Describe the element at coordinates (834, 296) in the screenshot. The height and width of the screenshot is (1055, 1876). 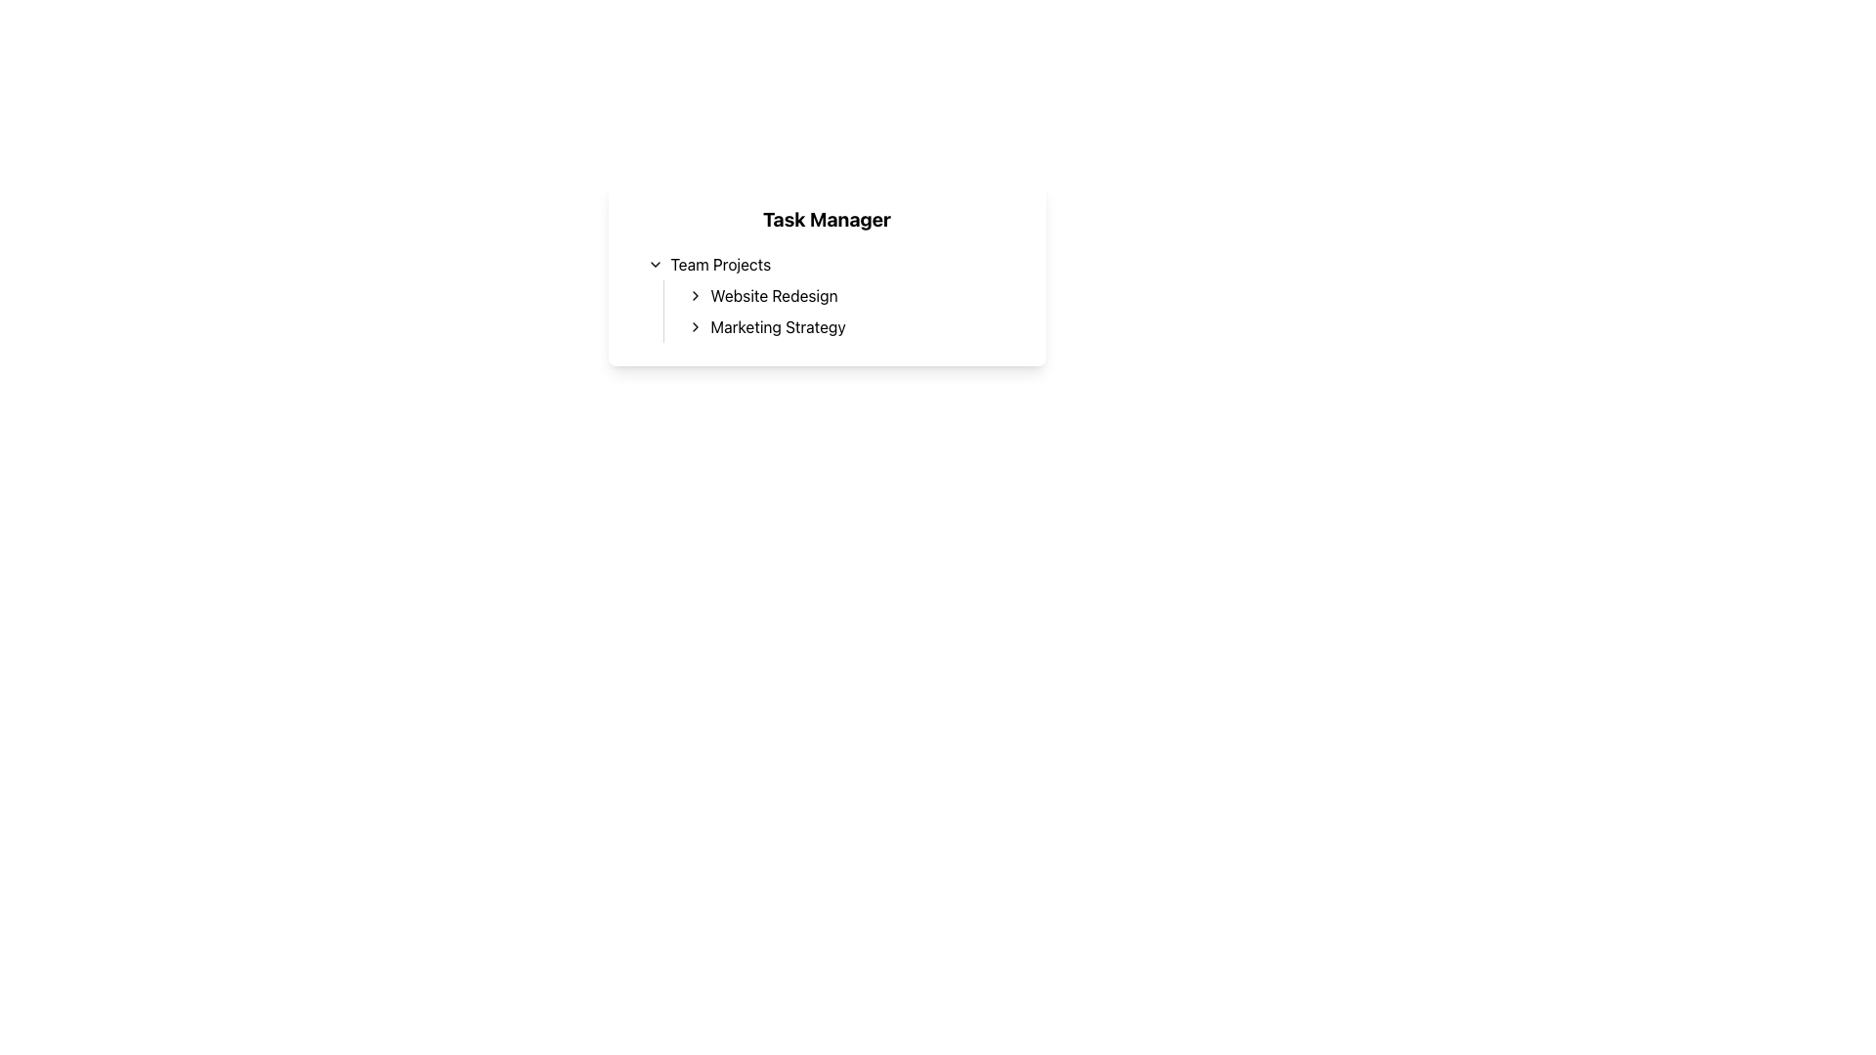
I see `on the second sub-menu item under 'Team Projects' in the collapsible list located below the 'Task Manager' heading` at that location.